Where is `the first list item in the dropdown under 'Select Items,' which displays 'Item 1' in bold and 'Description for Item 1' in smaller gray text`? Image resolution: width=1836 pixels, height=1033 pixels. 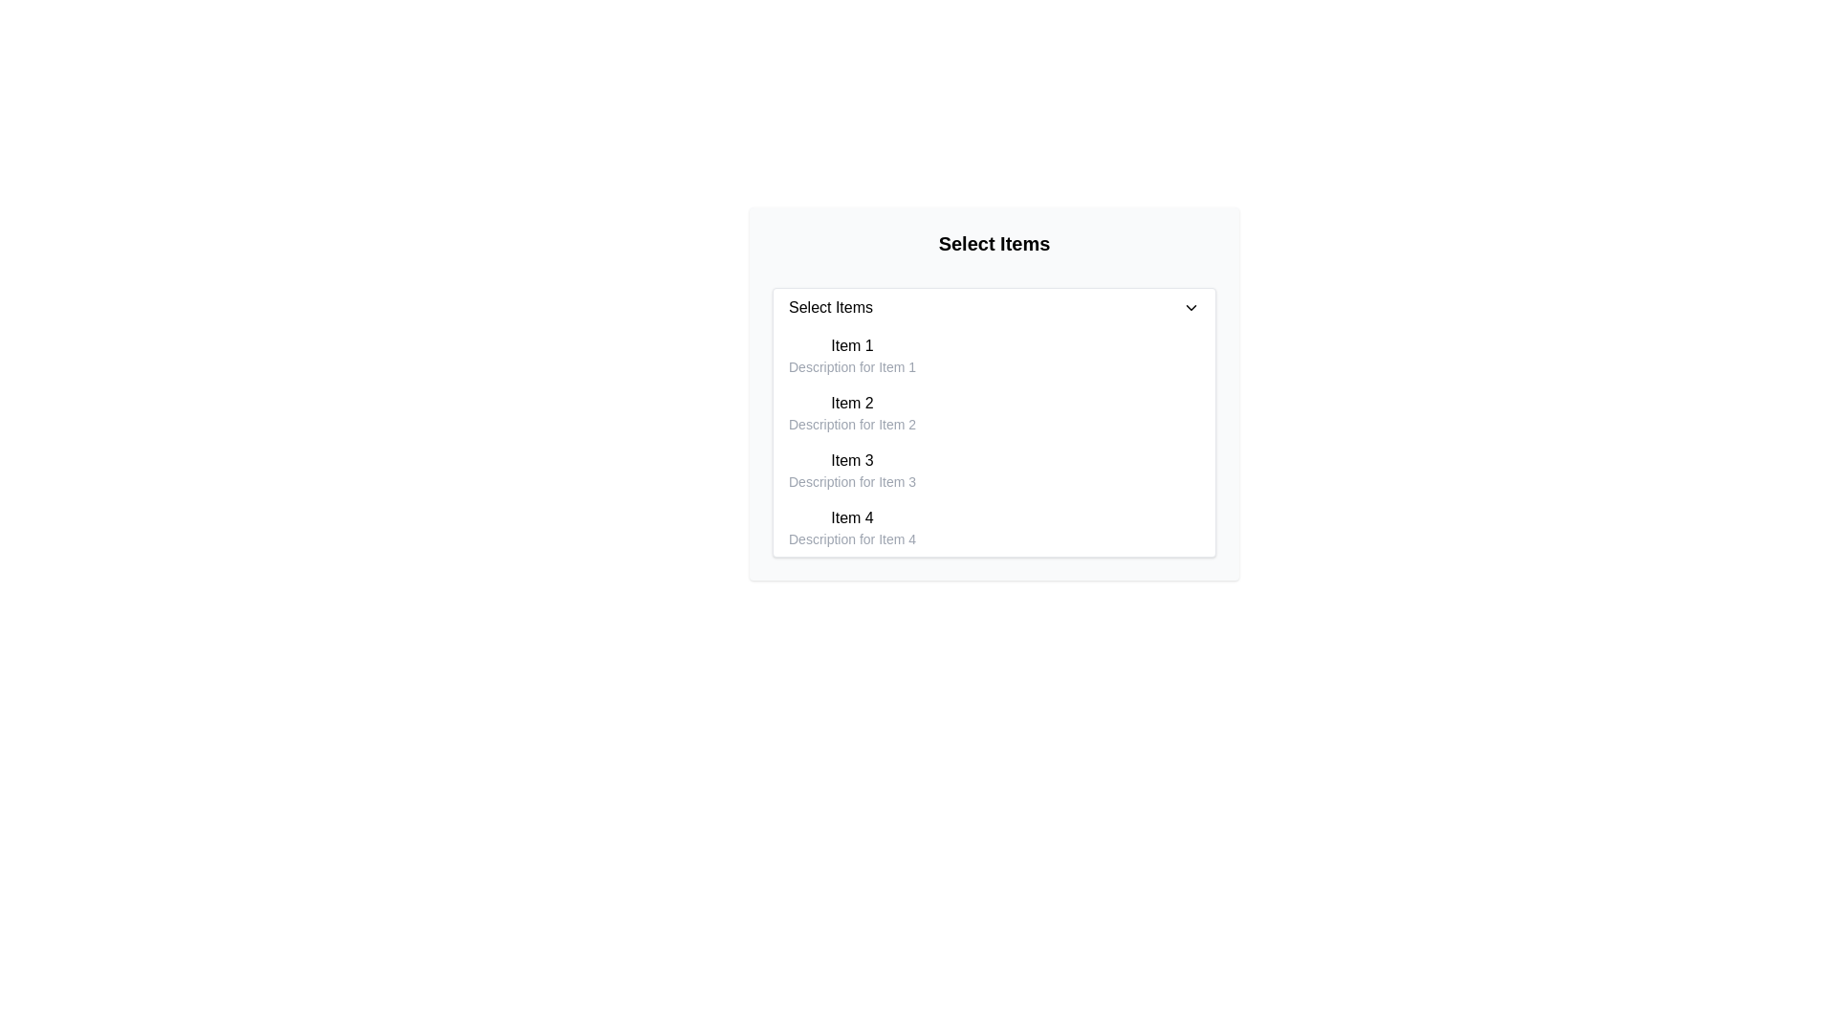 the first list item in the dropdown under 'Select Items,' which displays 'Item 1' in bold and 'Description for Item 1' in smaller gray text is located at coordinates (851, 355).